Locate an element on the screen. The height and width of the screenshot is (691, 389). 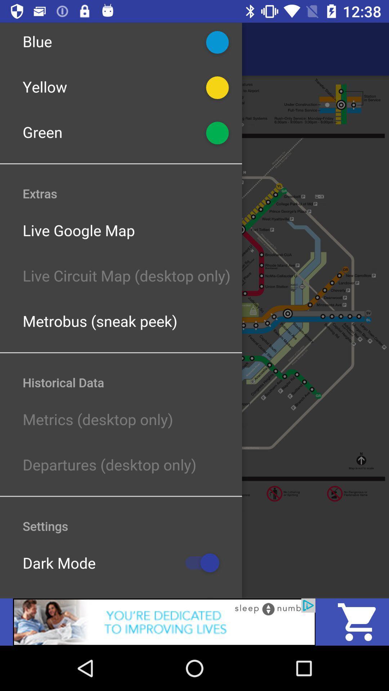
the option is located at coordinates (164, 622).